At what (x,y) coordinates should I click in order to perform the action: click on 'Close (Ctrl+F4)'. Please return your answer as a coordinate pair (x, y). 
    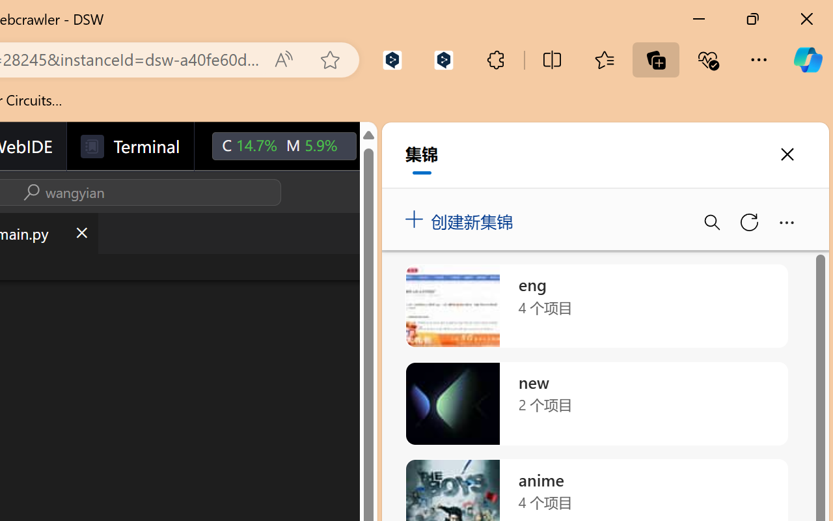
    Looking at the image, I should click on (80, 233).